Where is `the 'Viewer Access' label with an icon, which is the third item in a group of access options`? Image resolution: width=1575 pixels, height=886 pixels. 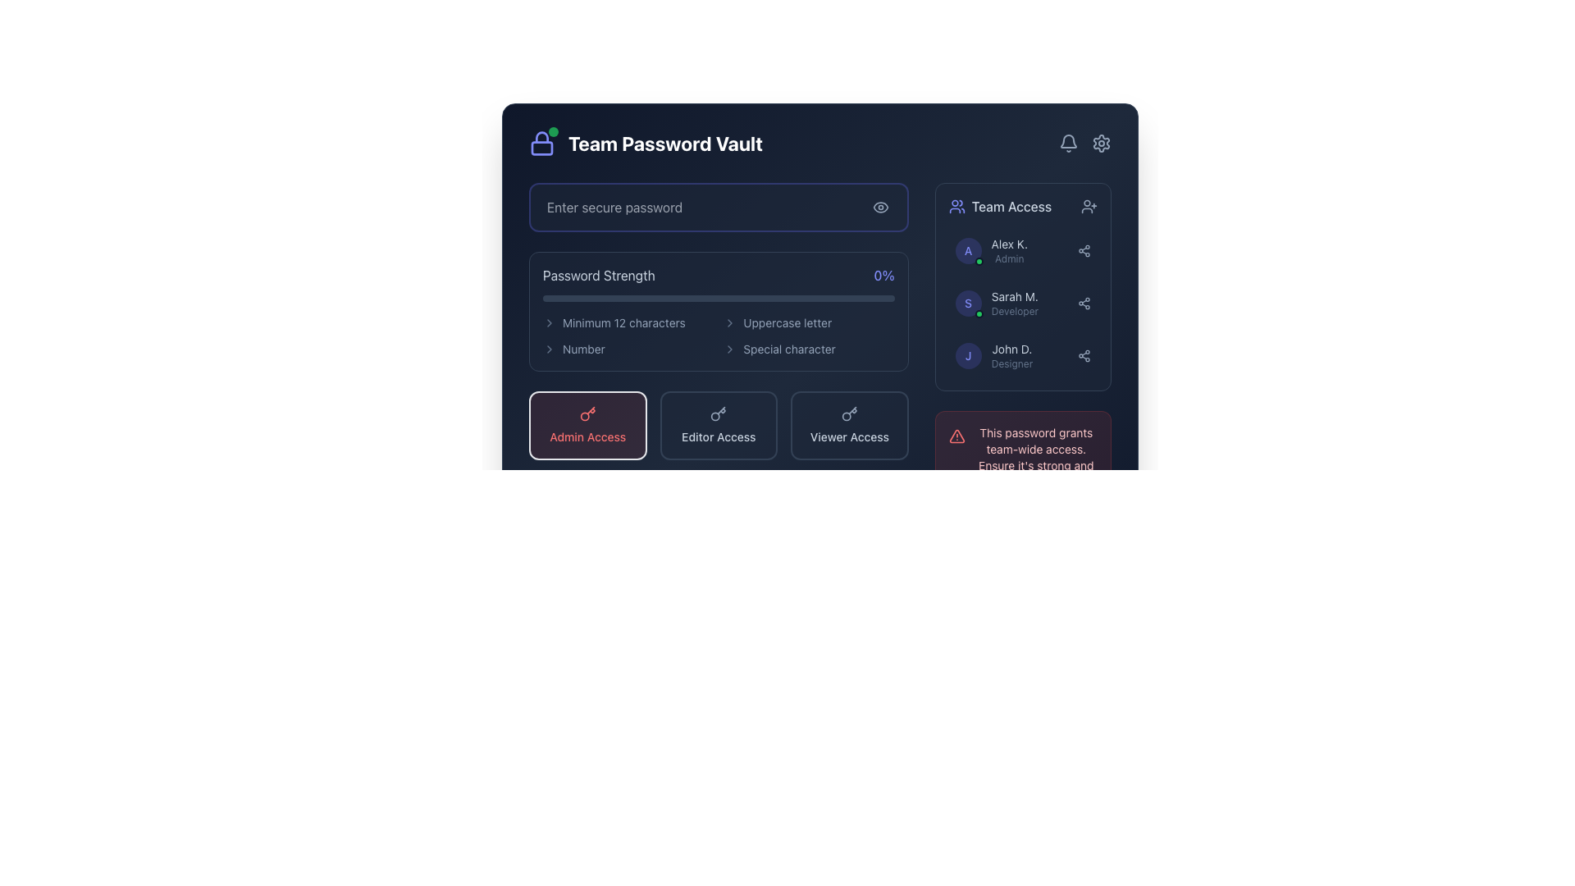 the 'Viewer Access' label with an icon, which is the third item in a group of access options is located at coordinates (849, 425).